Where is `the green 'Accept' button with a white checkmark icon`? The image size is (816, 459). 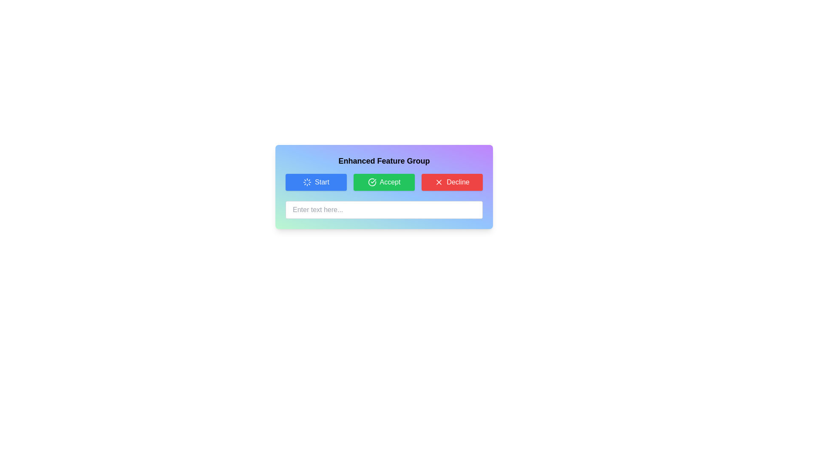 the green 'Accept' button with a white checkmark icon is located at coordinates (383, 181).